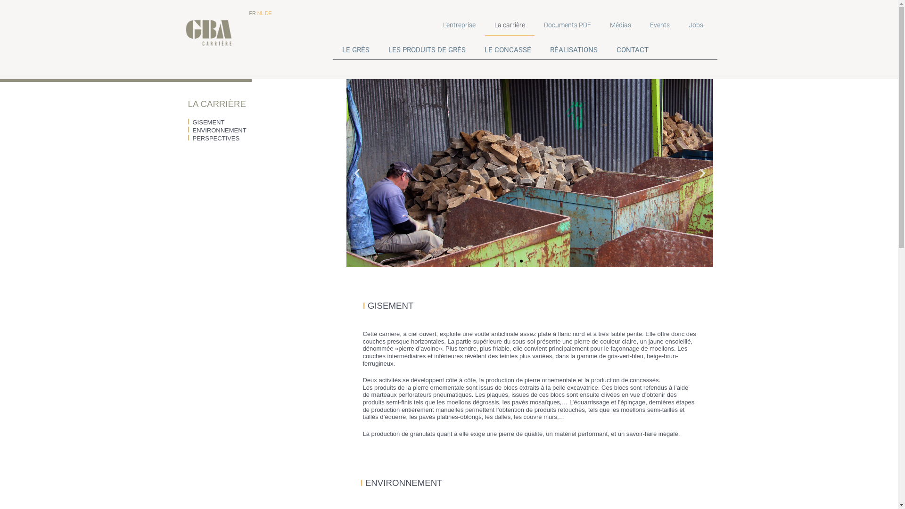 Image resolution: width=905 pixels, height=509 pixels. I want to click on 'Events', so click(659, 25).